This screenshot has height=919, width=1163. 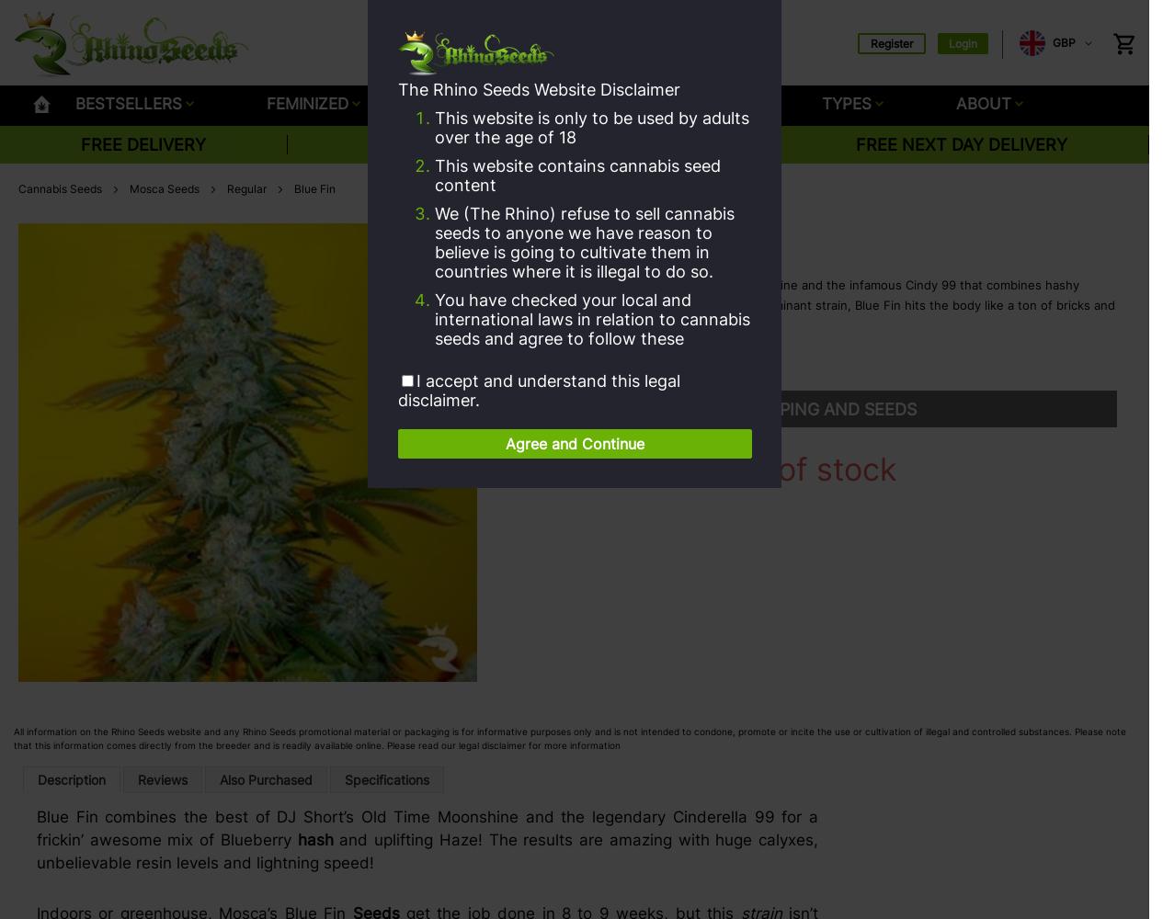 I want to click on 'Specifications', so click(x=386, y=778).